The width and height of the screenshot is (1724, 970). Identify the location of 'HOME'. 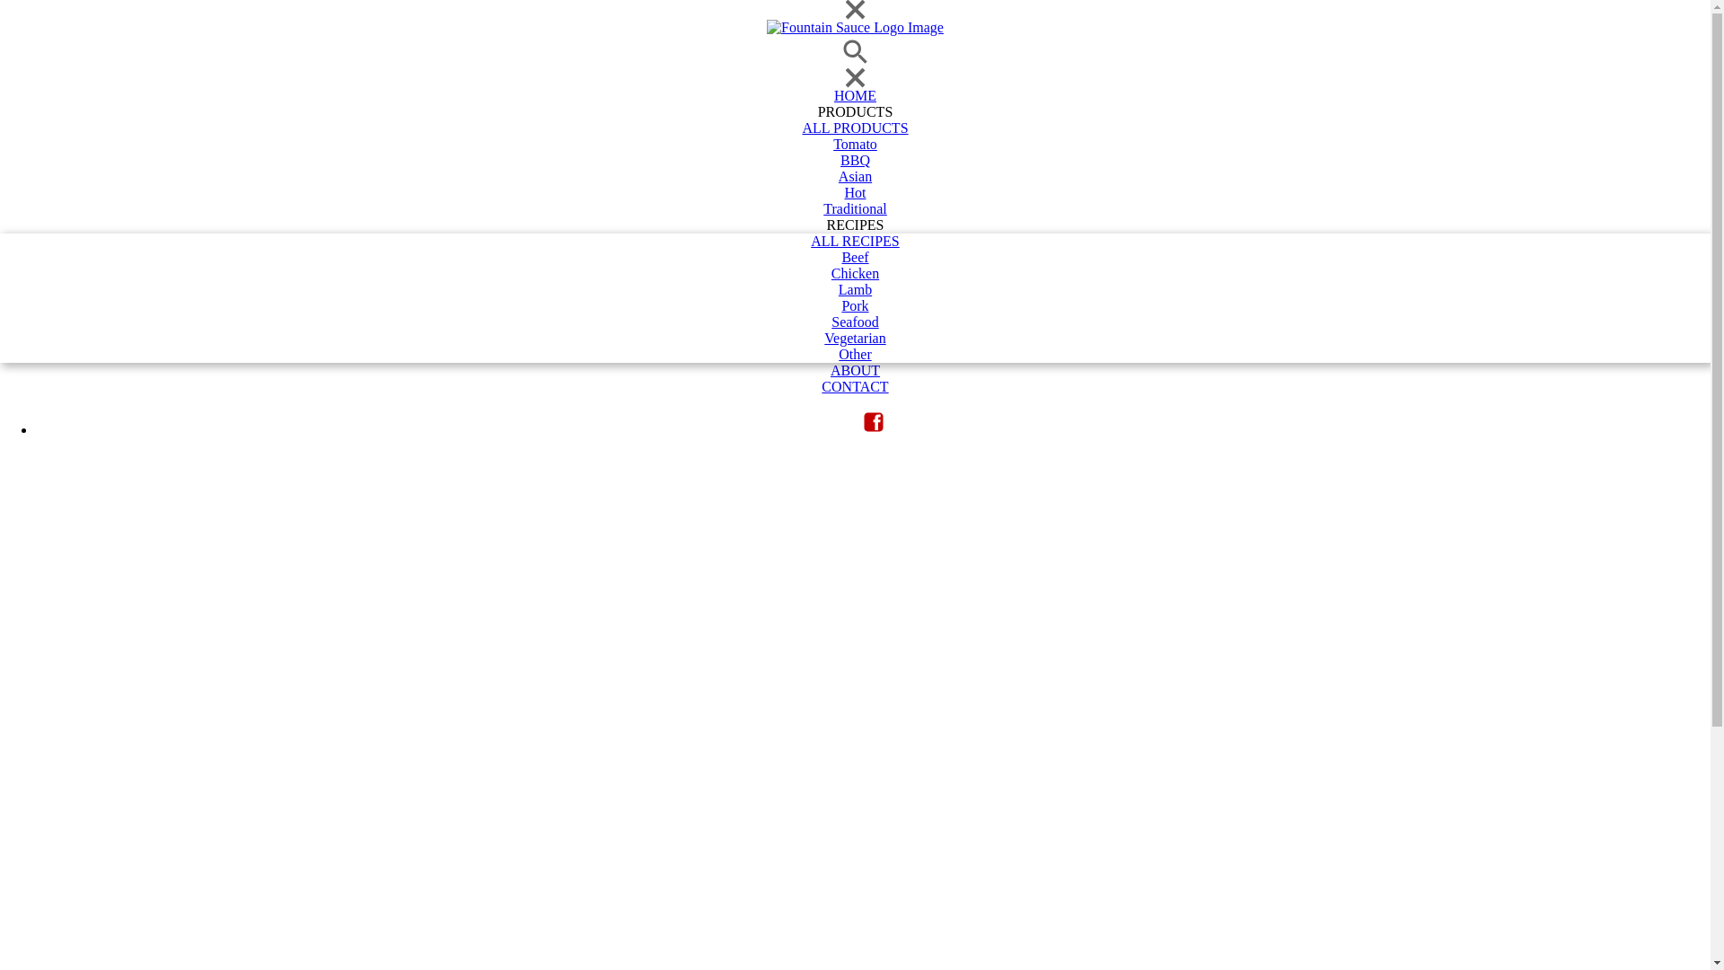
(854, 96).